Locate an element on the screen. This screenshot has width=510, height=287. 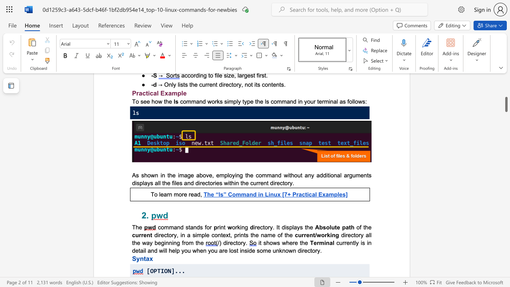
the subset text "e files and directories within the current directory." within the text "arguments displays all the files and directories within the current directory." is located at coordinates (167, 183).